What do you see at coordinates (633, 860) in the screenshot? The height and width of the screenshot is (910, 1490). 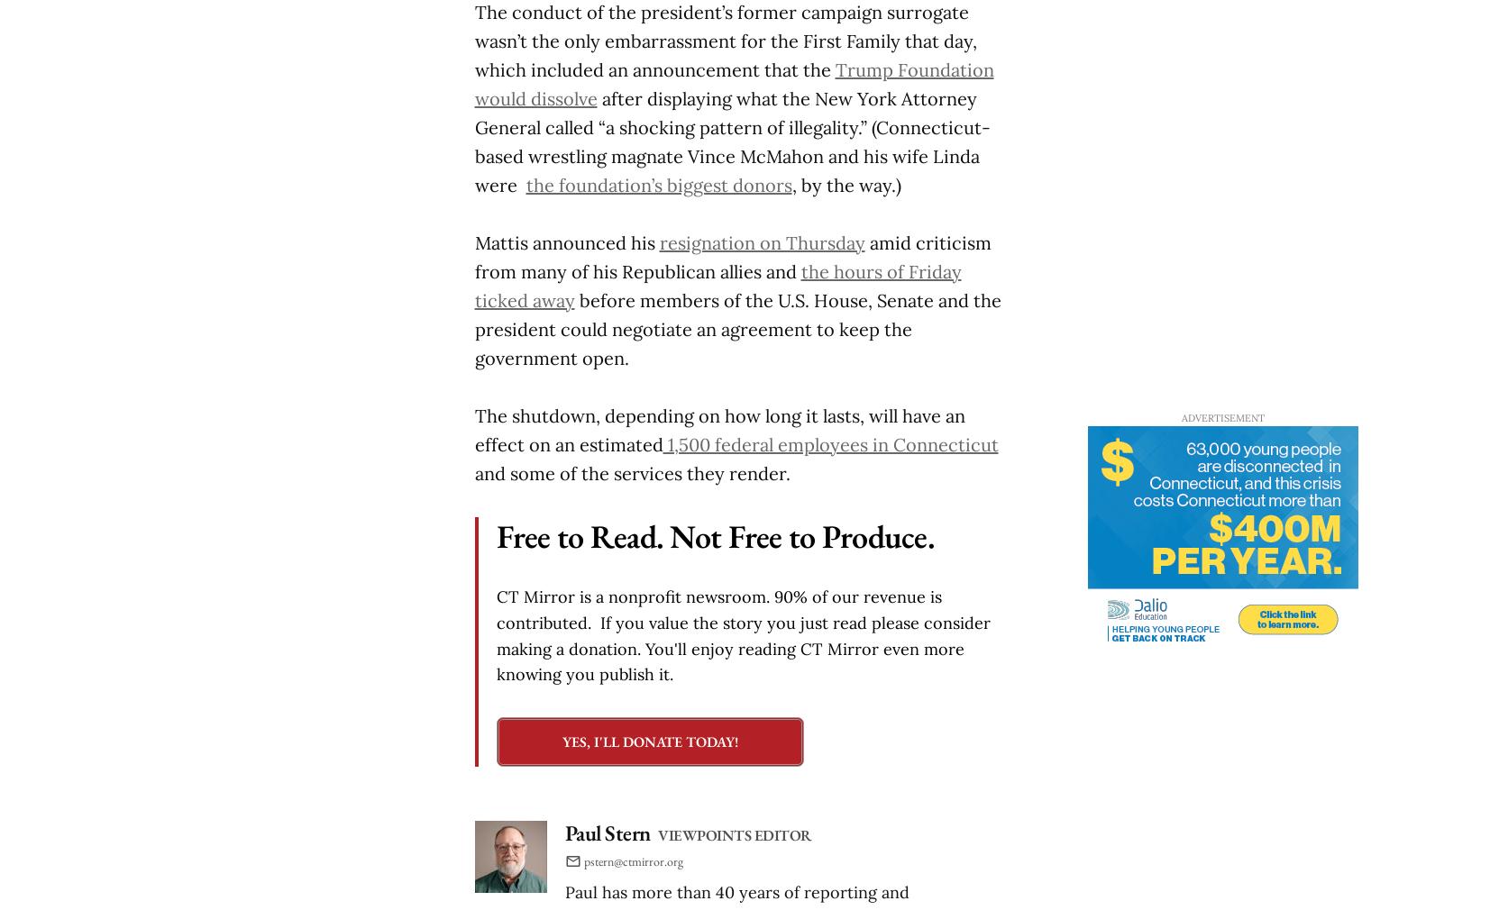 I see `'pstern@ctmirror.org'` at bounding box center [633, 860].